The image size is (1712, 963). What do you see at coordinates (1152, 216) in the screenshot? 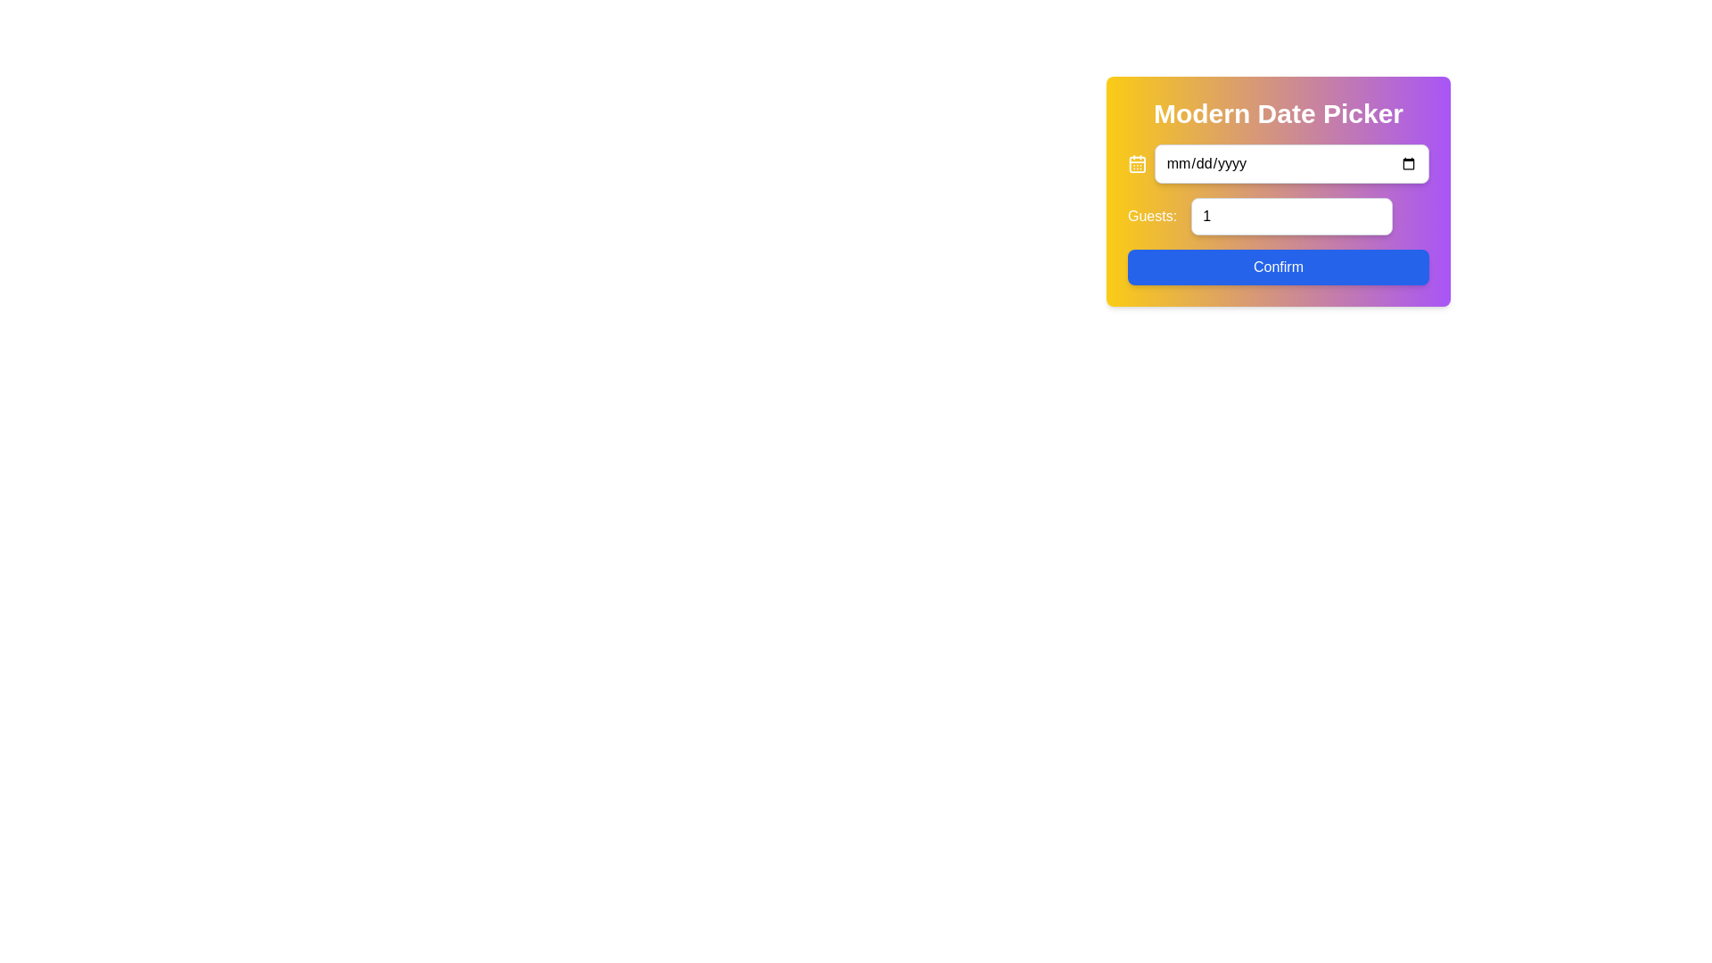
I see `the label displaying the text 'Guests:' which is styled in white against a gradient background transitioning from yellow to purple` at bounding box center [1152, 216].